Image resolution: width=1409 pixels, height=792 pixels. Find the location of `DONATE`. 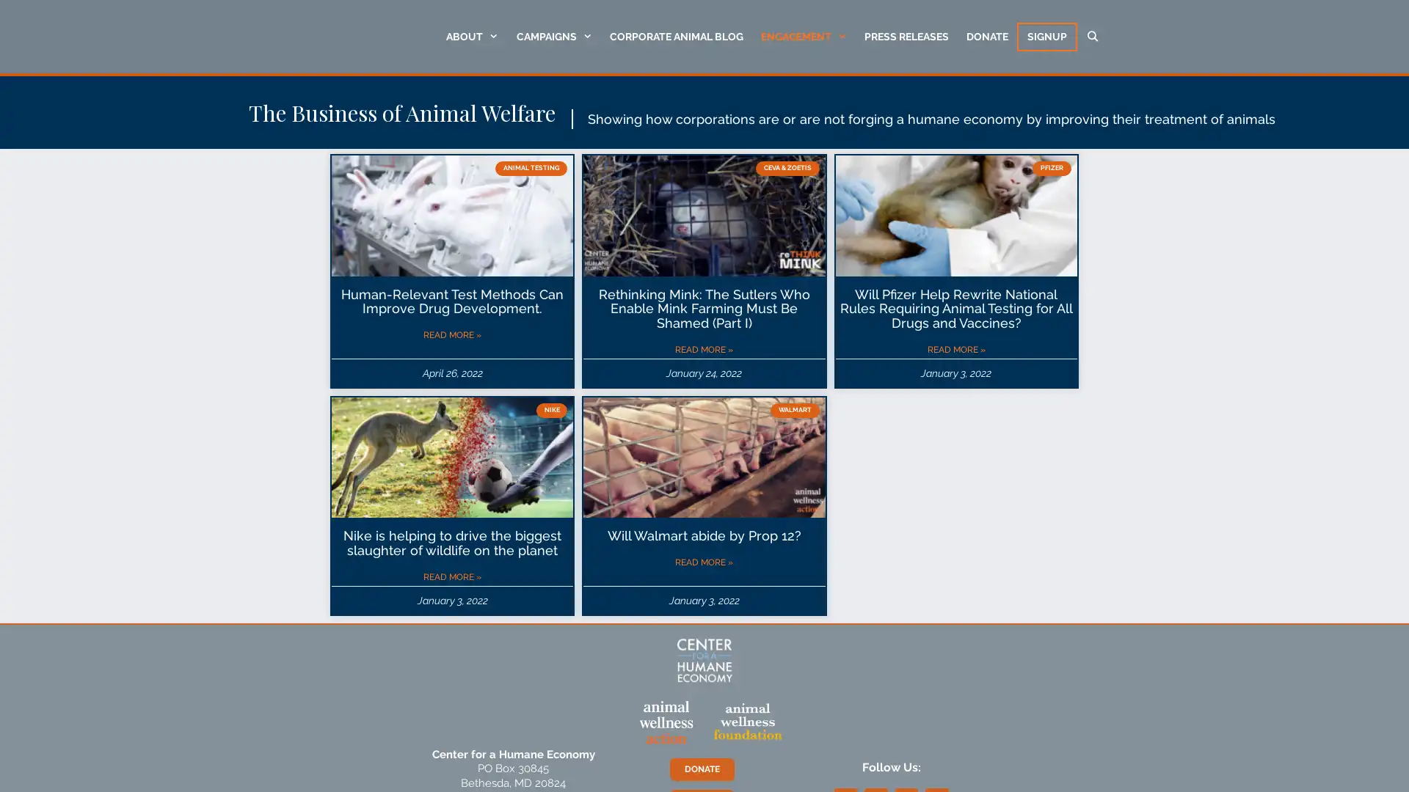

DONATE is located at coordinates (701, 769).